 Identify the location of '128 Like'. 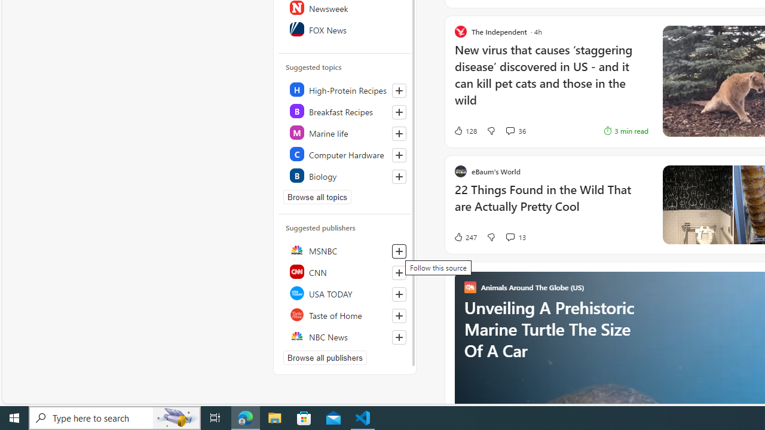
(464, 131).